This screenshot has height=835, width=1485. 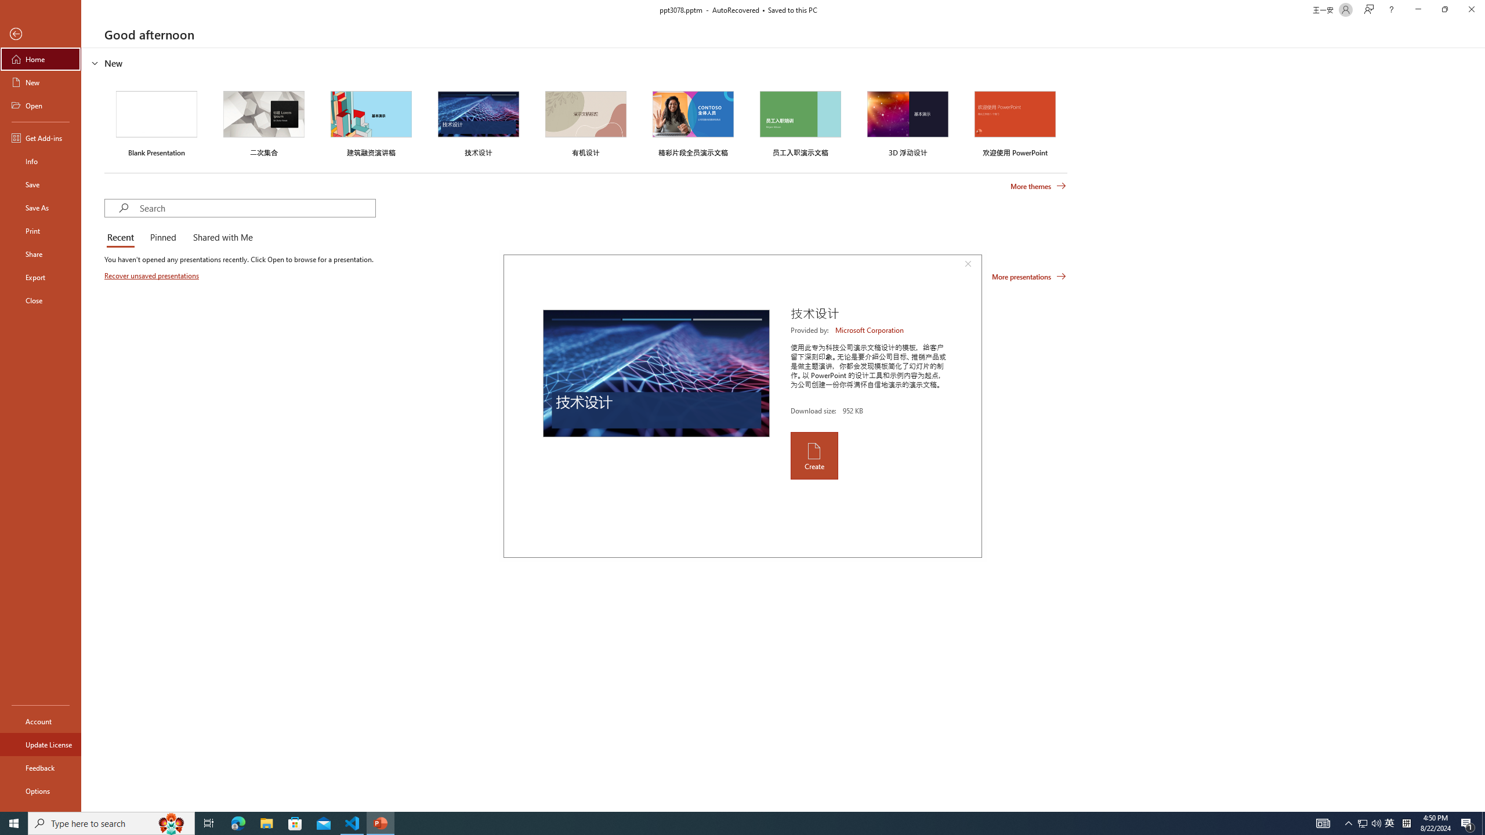 What do you see at coordinates (40, 790) in the screenshot?
I see `'Options'` at bounding box center [40, 790].